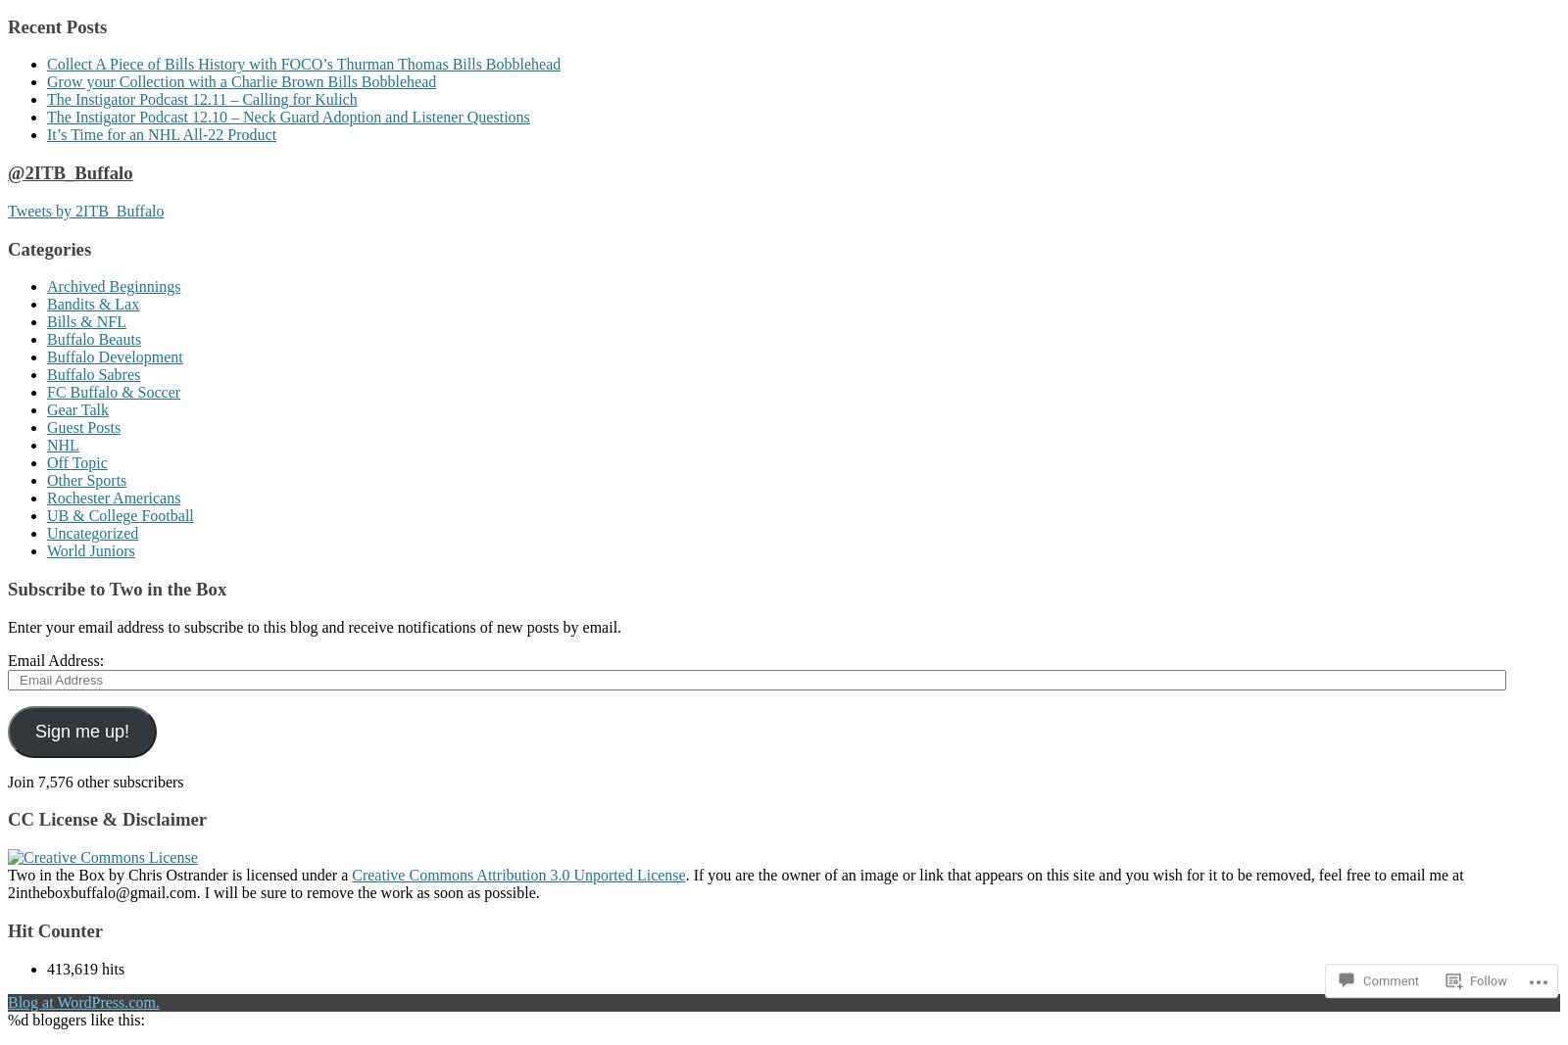 The image size is (1568, 1045). Describe the element at coordinates (89, 550) in the screenshot. I see `'World Juniors'` at that location.